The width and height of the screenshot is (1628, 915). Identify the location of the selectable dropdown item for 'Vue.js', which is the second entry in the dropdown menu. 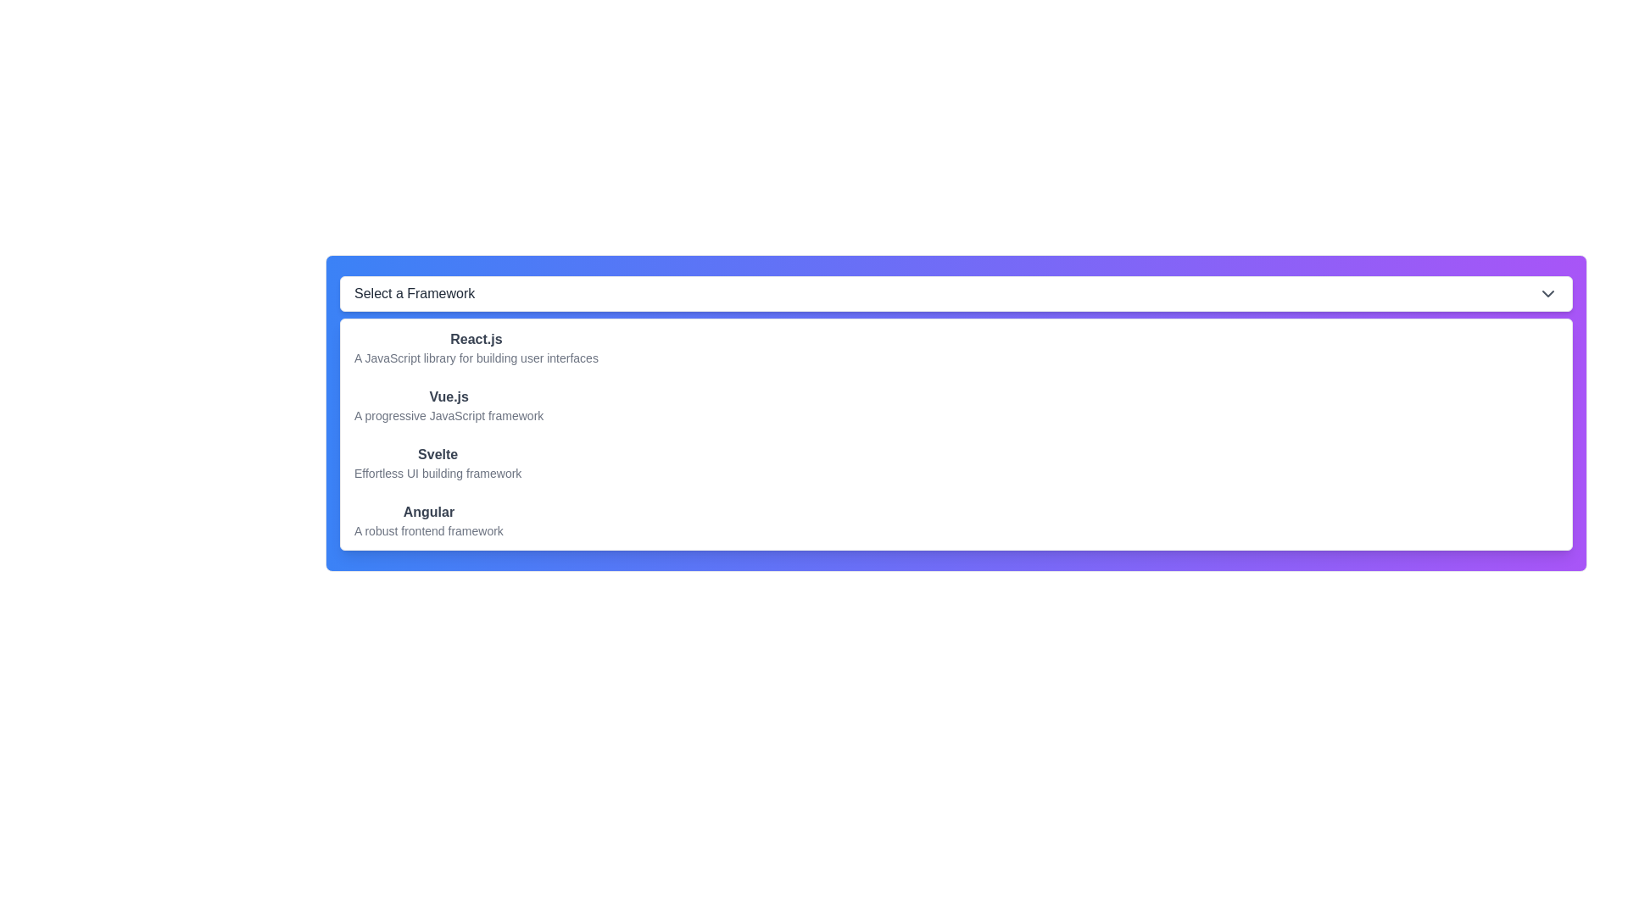
(449, 405).